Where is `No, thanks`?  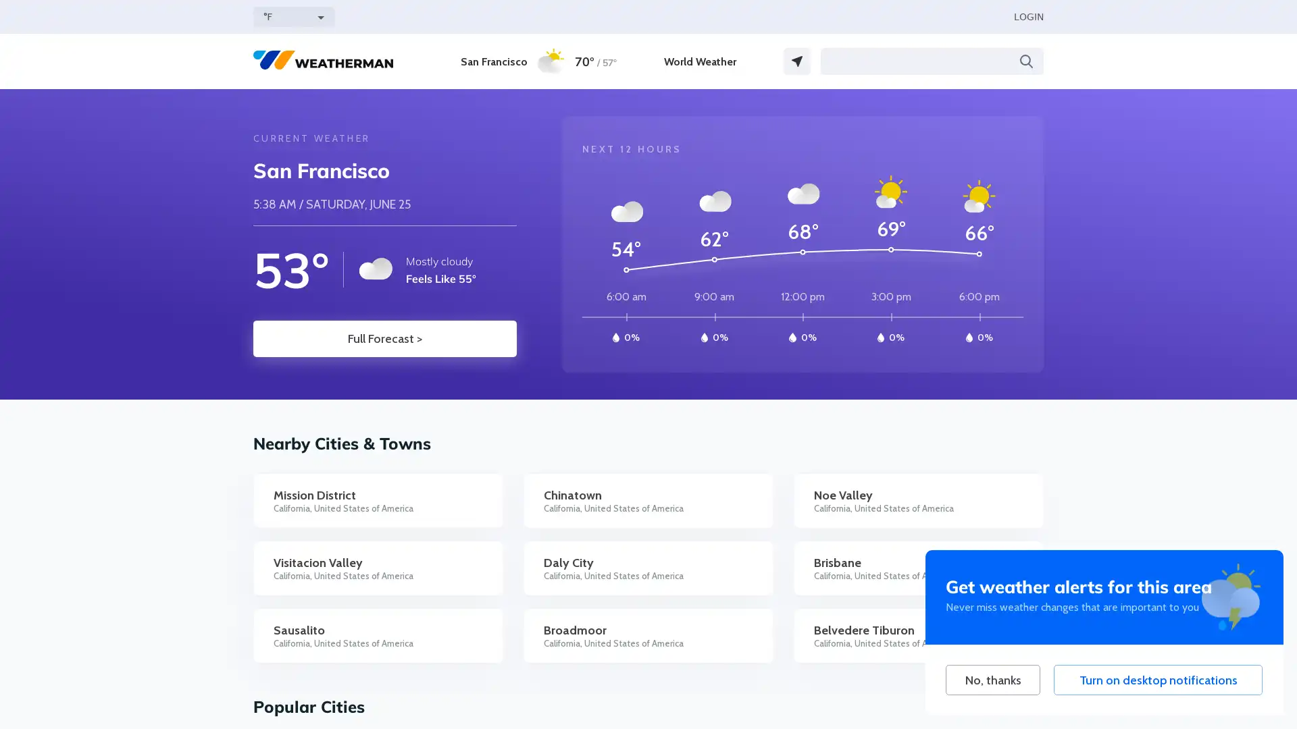
No, thanks is located at coordinates (992, 680).